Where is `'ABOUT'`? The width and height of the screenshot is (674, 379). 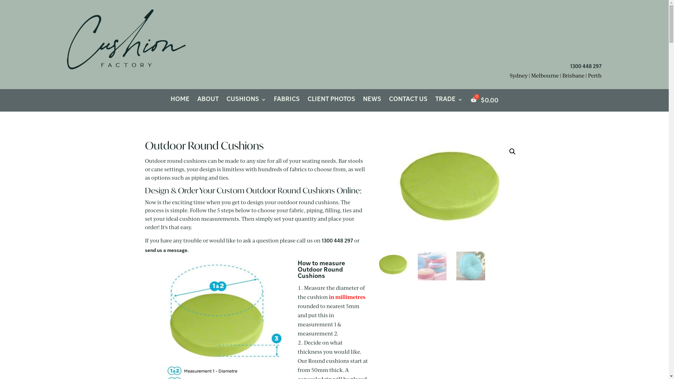 'ABOUT' is located at coordinates (207, 101).